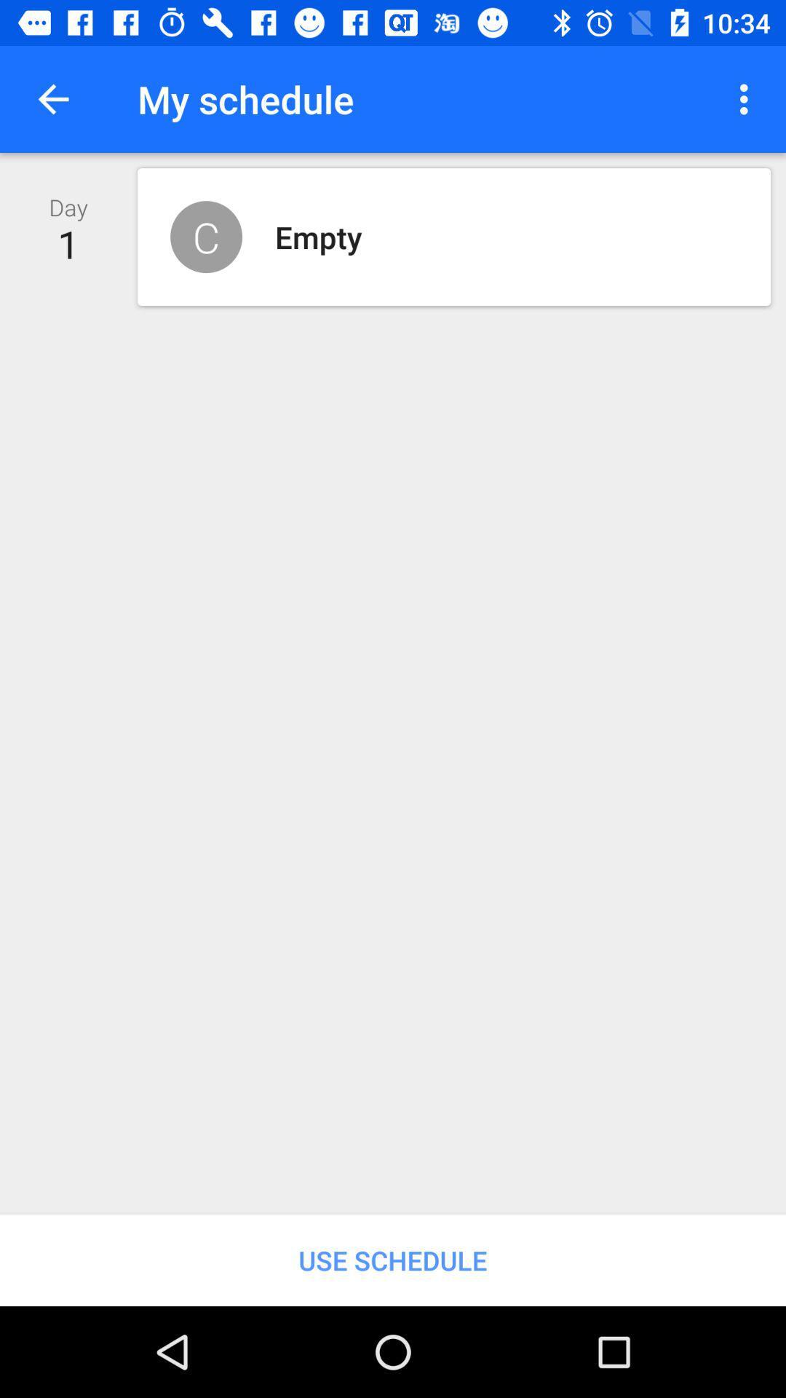 The image size is (786, 1398). I want to click on item above the day, so click(52, 98).